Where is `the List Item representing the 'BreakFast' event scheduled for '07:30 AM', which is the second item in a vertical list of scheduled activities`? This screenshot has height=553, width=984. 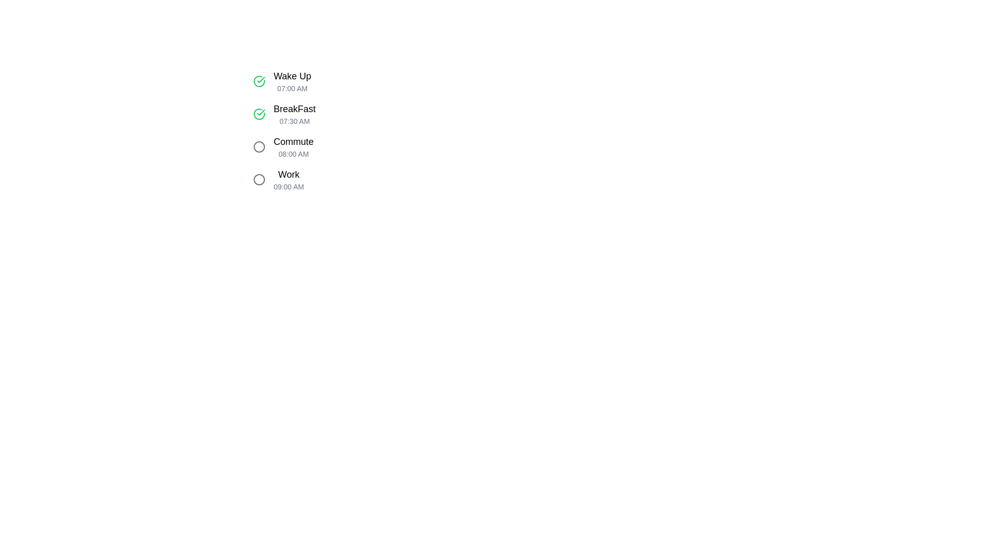
the List Item representing the 'BreakFast' event scheduled for '07:30 AM', which is the second item in a vertical list of scheduled activities is located at coordinates (352, 114).